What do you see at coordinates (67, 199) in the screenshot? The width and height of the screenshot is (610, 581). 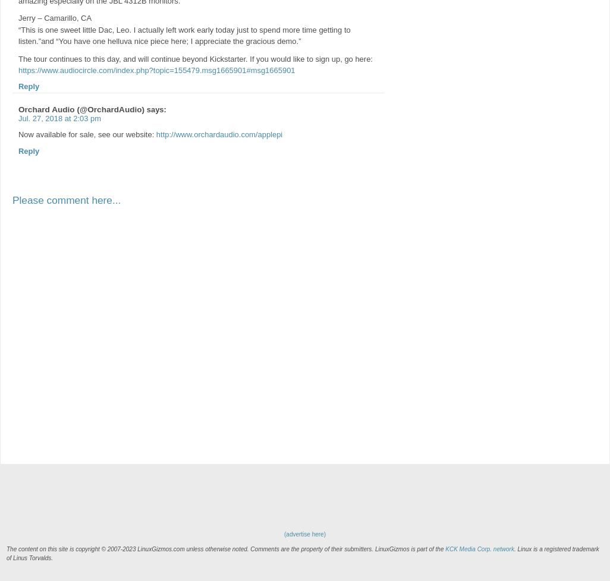 I see `'Please comment here...'` at bounding box center [67, 199].